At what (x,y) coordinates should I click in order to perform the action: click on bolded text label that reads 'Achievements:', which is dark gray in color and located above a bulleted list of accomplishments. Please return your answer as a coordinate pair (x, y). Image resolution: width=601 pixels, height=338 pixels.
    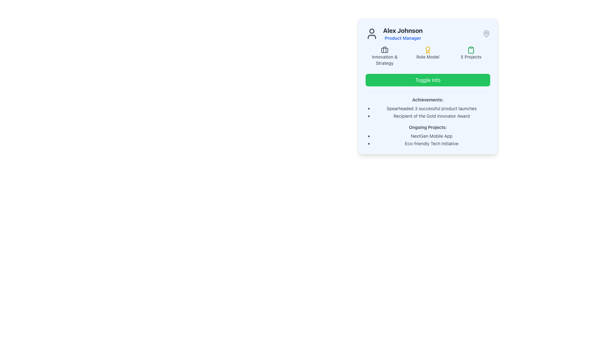
    Looking at the image, I should click on (428, 100).